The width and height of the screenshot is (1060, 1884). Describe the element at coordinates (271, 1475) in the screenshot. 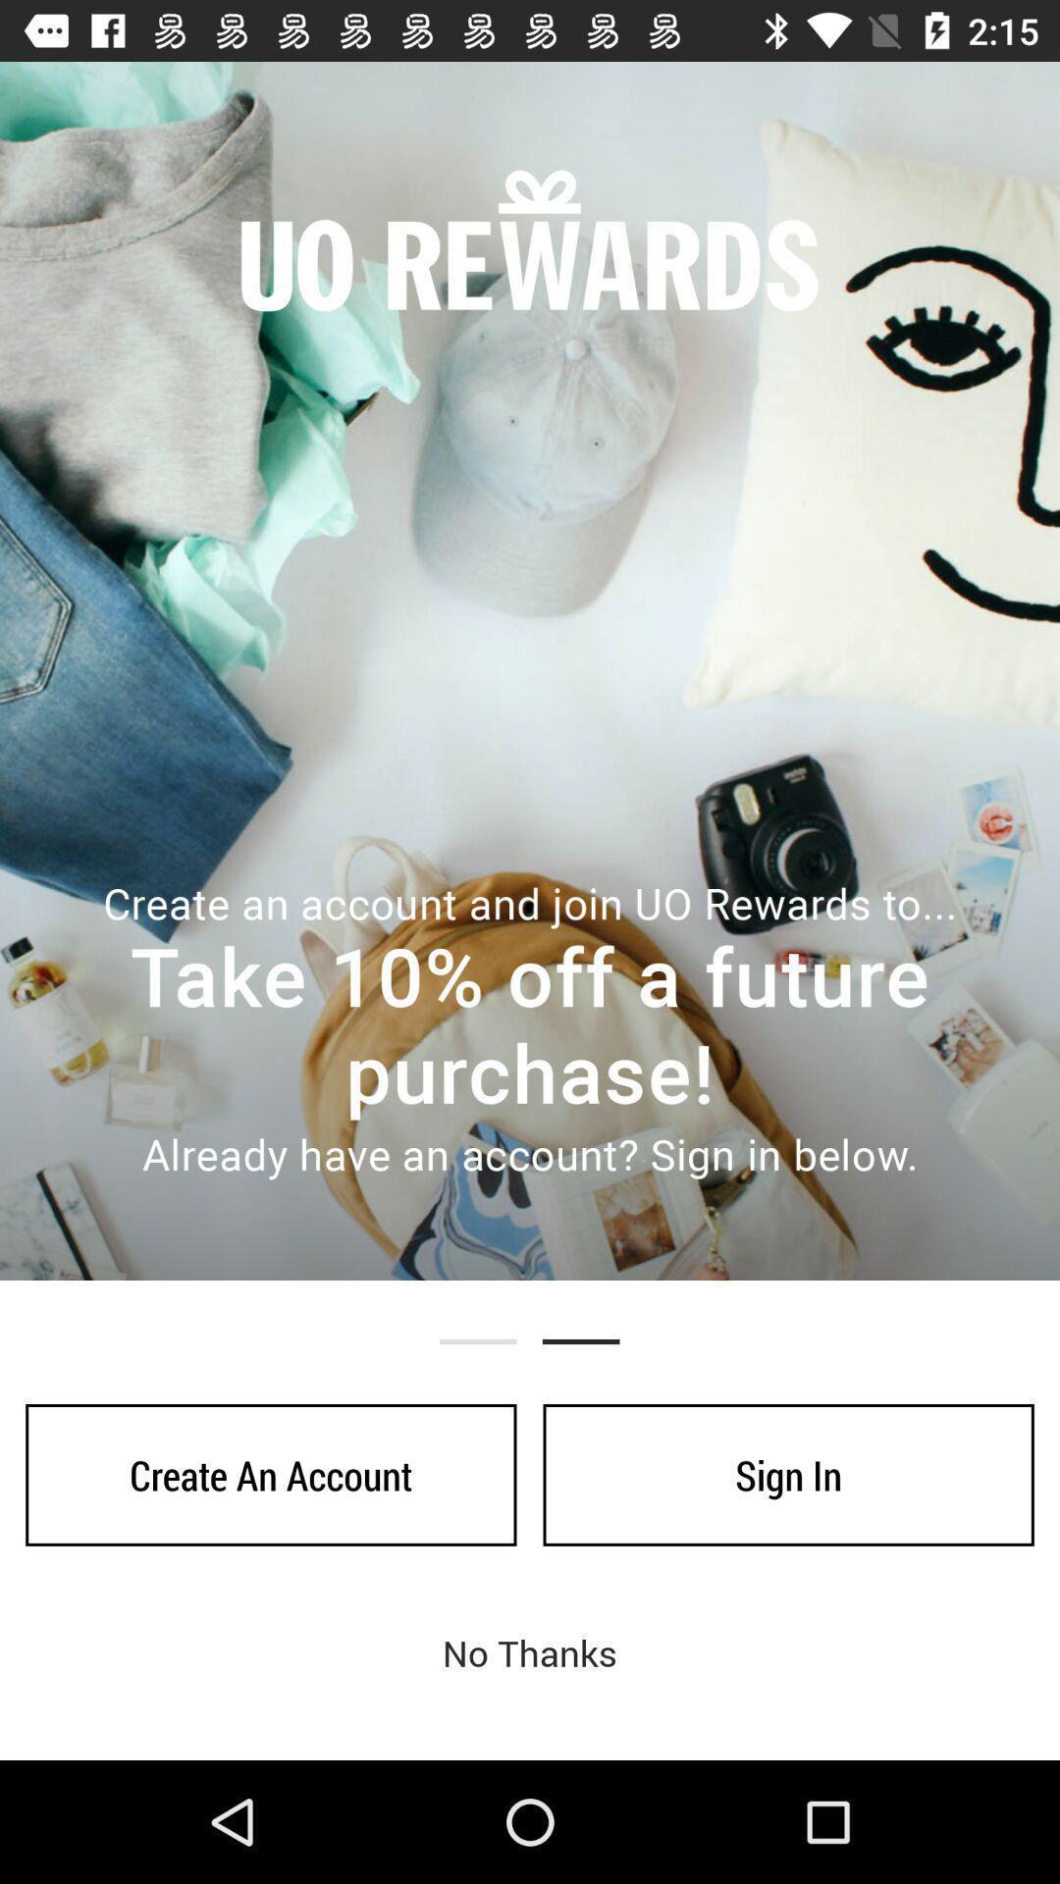

I see `icon next to sign in item` at that location.